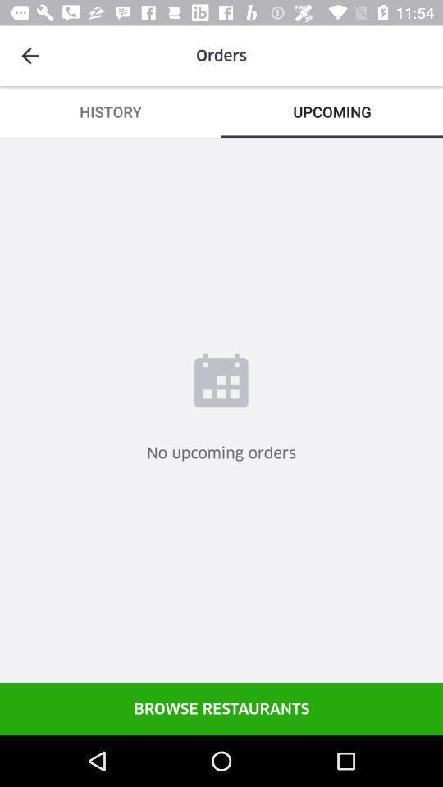  I want to click on icon to the left of the orders icon, so click(30, 56).